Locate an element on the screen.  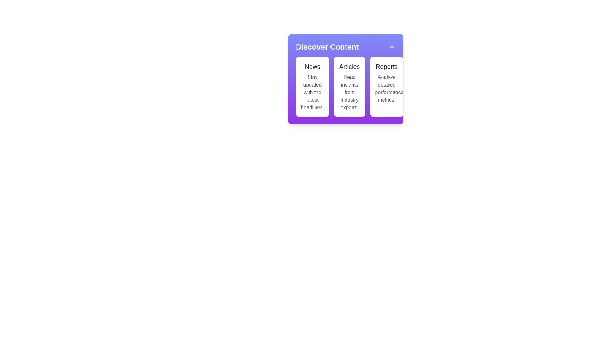
the text label that serves as a title for the card titled 'Articles', which is centrally located in the second column under 'Discover Content' is located at coordinates (349, 67).